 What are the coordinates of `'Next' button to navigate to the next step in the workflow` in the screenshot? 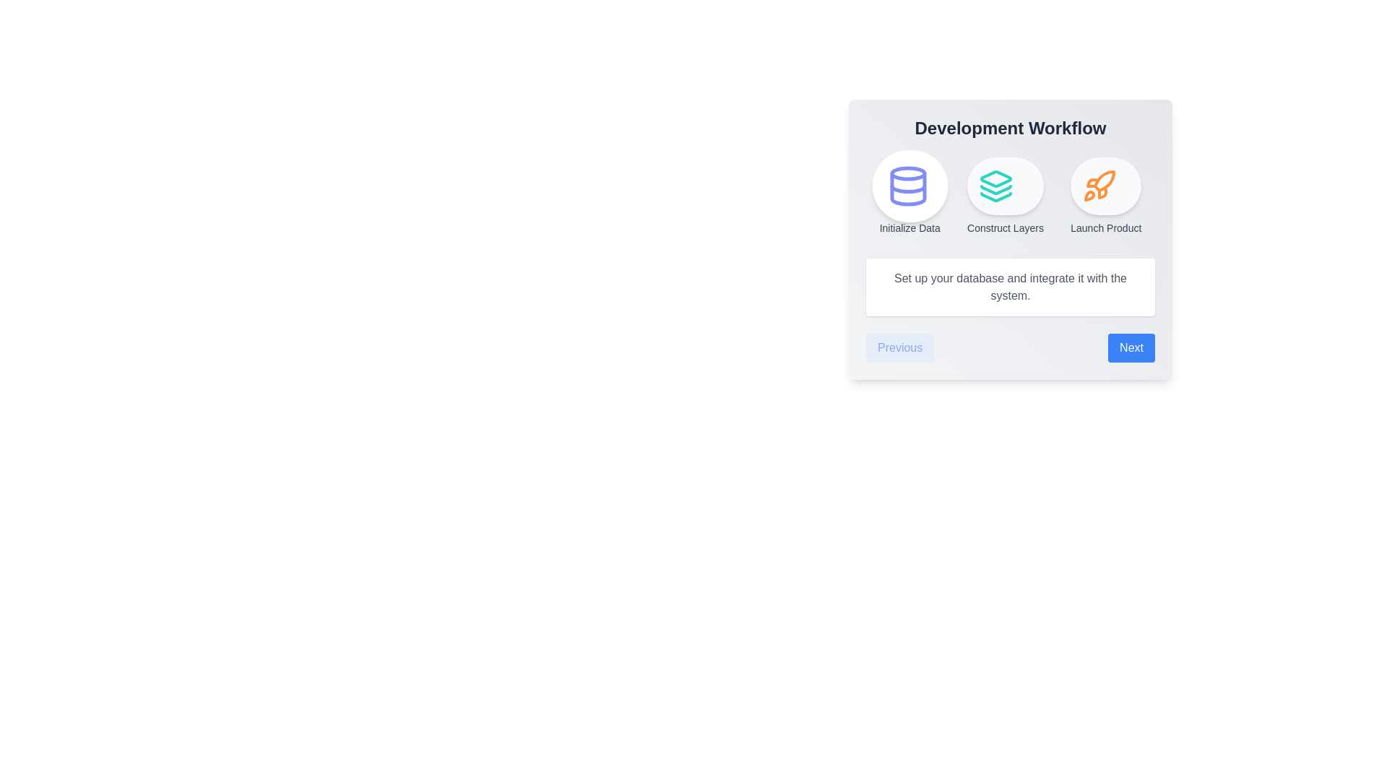 It's located at (1130, 348).